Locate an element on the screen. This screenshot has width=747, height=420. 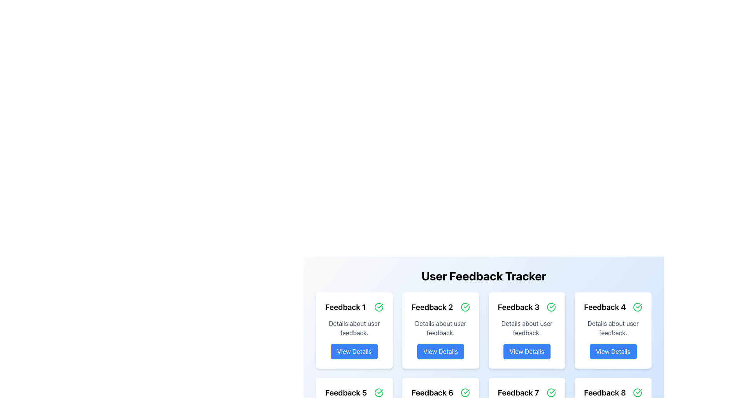
the success indicator icon located in the upper-right corner of the 'Feedback 3' card, next to the 'Feedback 3' text label is located at coordinates (551, 307).